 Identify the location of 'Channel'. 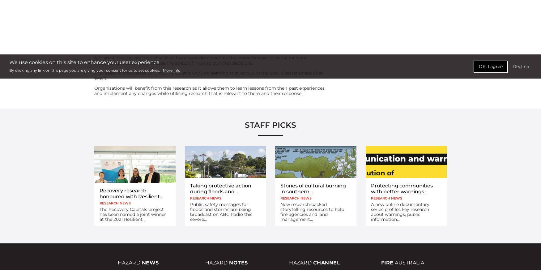
(313, 263).